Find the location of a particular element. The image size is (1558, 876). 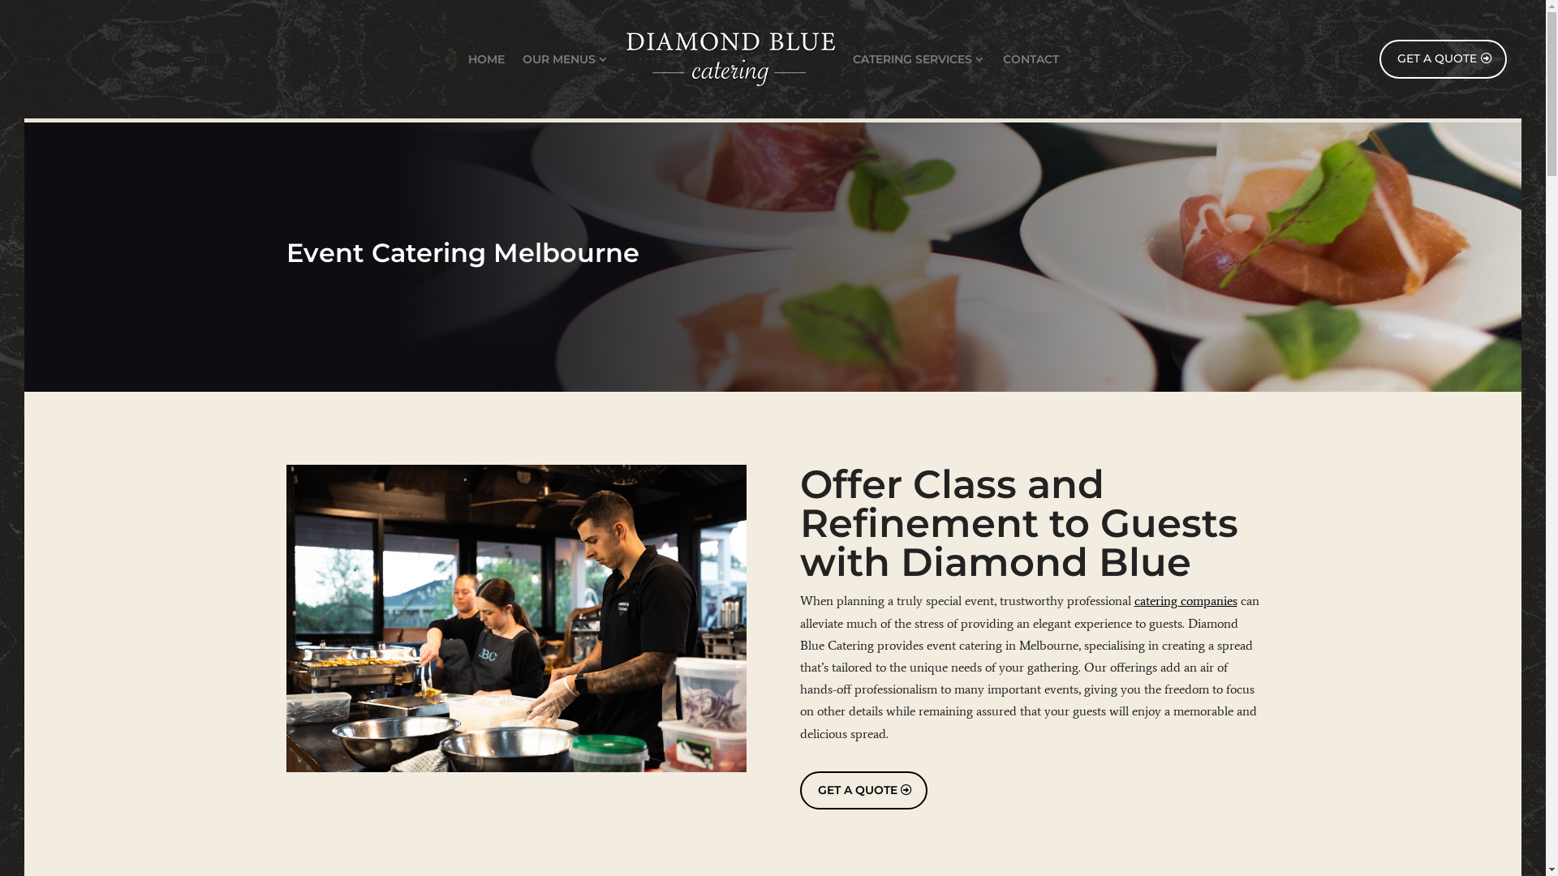

'DSC04533' is located at coordinates (514, 618).